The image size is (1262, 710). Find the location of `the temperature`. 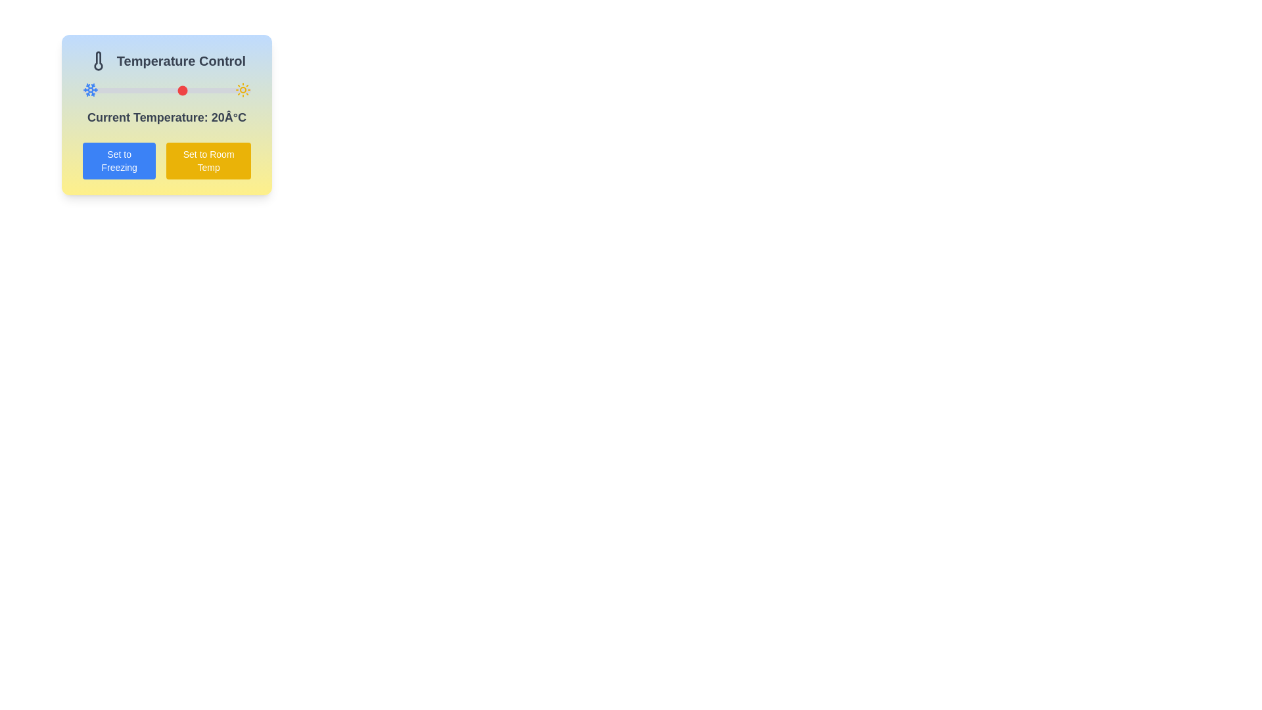

the temperature is located at coordinates (106, 90).